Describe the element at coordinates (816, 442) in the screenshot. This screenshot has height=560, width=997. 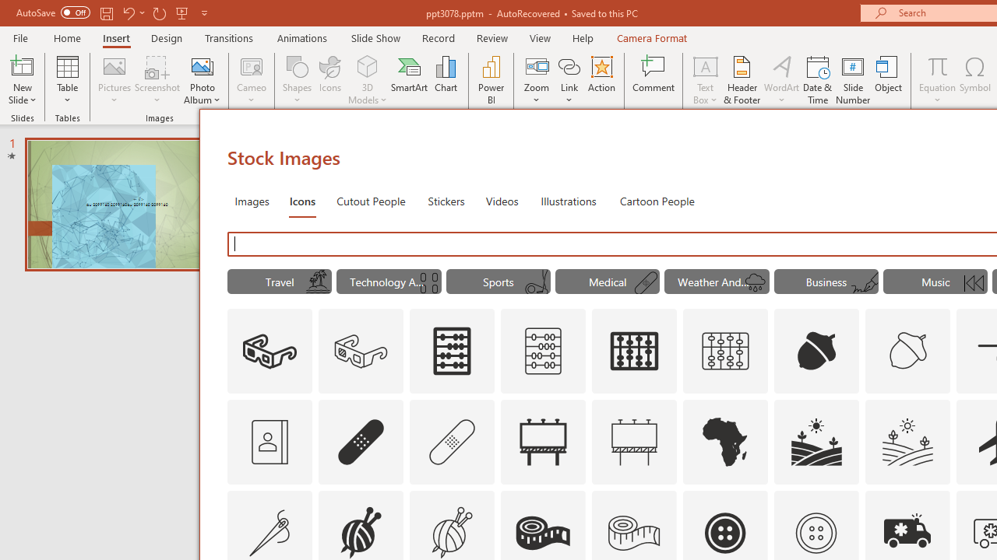
I see `'AutomationID: Icons_Agriculture'` at that location.